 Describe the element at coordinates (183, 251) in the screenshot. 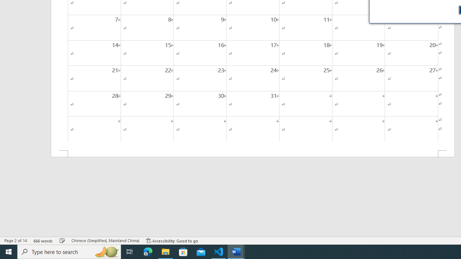

I see `'Microsoft Store'` at that location.